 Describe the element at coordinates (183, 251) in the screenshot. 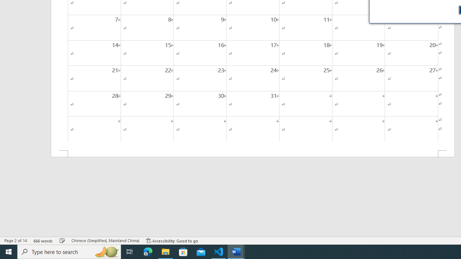

I see `'Microsoft Store'` at that location.